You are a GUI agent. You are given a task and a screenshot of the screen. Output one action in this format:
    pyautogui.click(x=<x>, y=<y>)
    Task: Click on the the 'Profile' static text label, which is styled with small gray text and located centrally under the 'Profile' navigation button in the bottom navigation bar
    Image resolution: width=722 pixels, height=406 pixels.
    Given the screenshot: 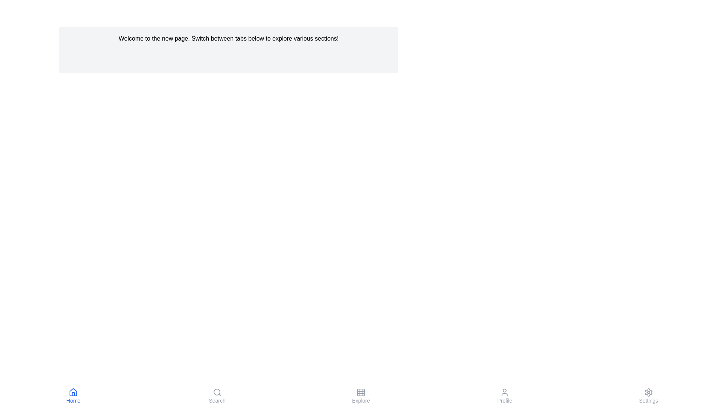 What is the action you would take?
    pyautogui.click(x=505, y=400)
    